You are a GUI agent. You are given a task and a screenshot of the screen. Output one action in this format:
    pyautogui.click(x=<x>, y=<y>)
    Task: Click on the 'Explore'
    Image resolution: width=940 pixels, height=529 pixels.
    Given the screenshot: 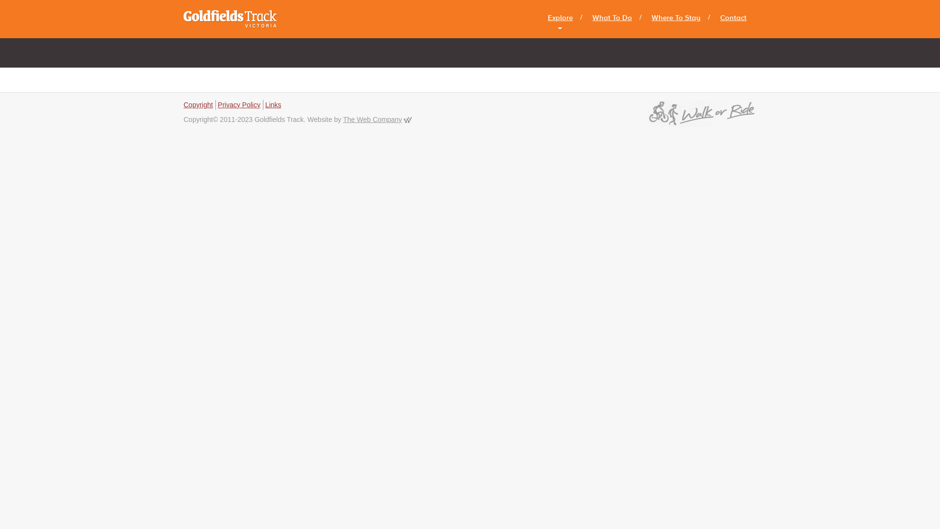 What is the action you would take?
    pyautogui.click(x=560, y=18)
    